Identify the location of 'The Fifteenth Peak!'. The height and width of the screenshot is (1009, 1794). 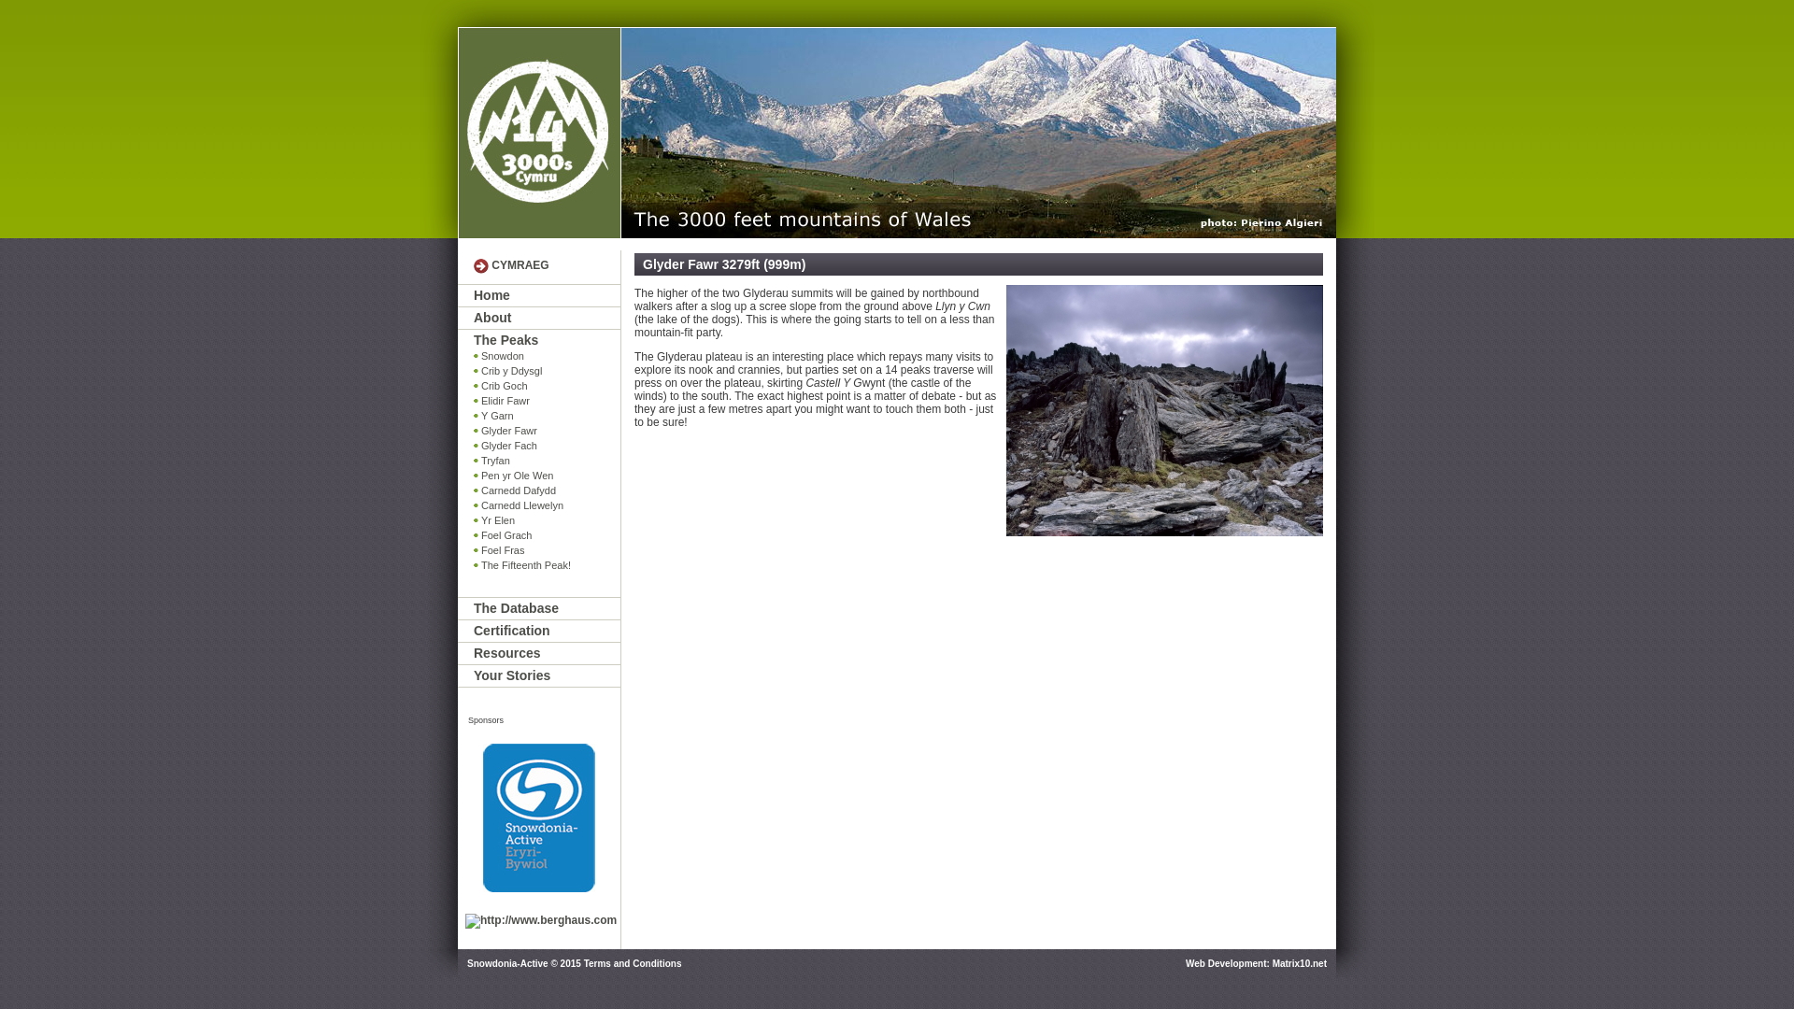
(546, 564).